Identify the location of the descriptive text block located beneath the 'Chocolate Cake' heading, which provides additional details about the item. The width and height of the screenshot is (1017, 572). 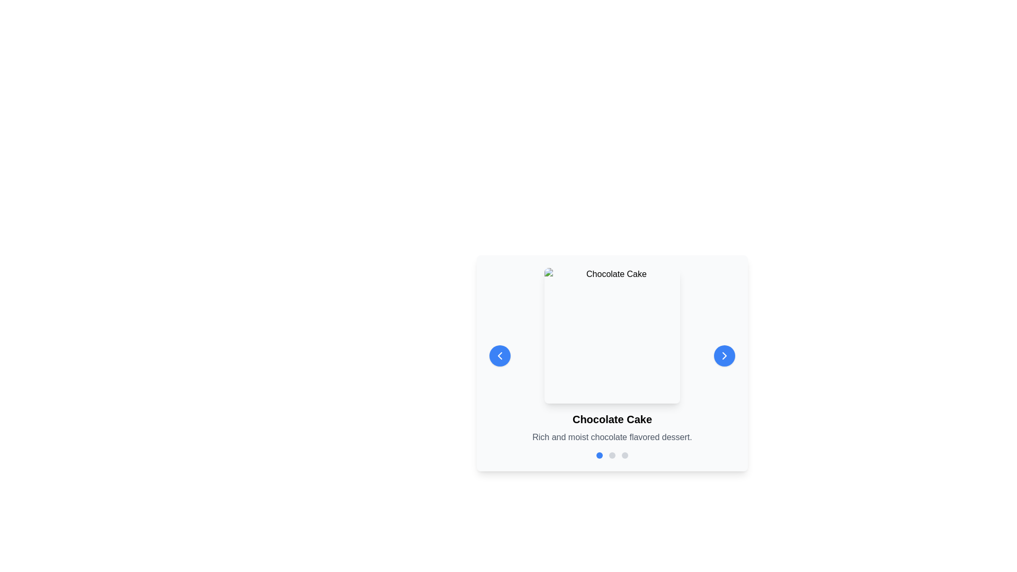
(612, 437).